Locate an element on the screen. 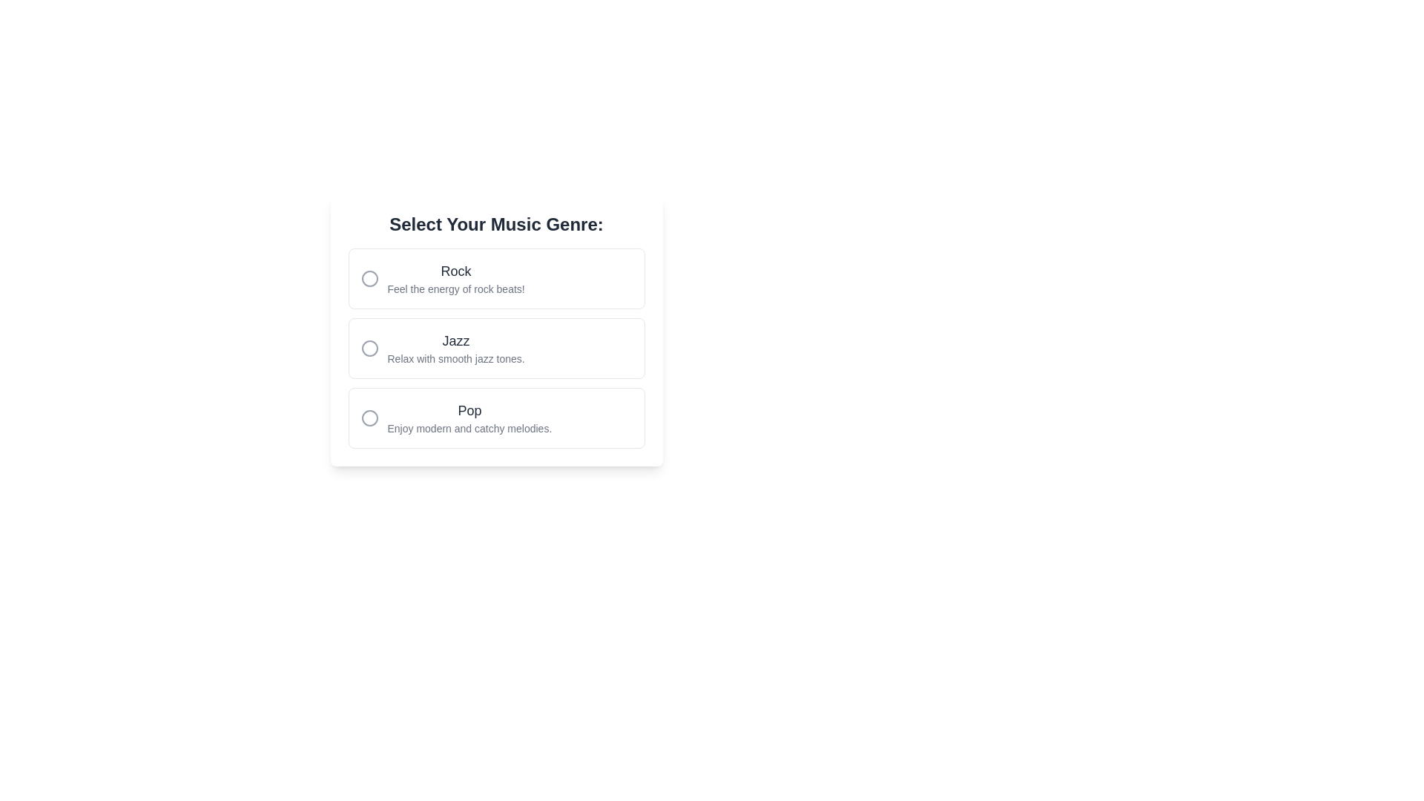 The width and height of the screenshot is (1424, 801). the text label for the 'Jazz' music genre option, which is located in the middle section of the list under 'Select Your Music Genre' is located at coordinates (455, 340).